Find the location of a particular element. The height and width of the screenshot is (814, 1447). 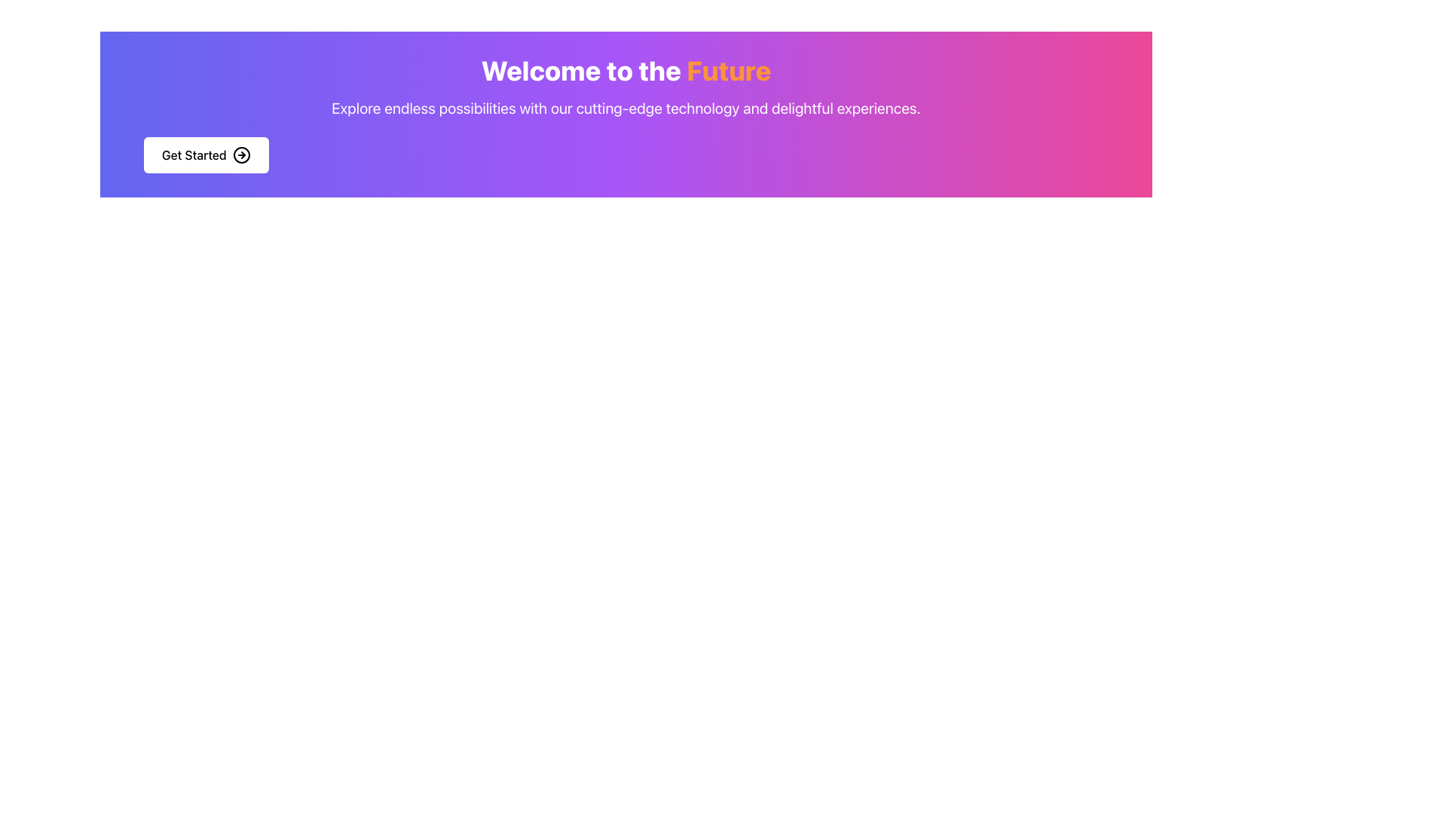

circular icon with a rightward arrow inside, which is part of the 'Get Started' button, for accessibility features is located at coordinates (241, 155).